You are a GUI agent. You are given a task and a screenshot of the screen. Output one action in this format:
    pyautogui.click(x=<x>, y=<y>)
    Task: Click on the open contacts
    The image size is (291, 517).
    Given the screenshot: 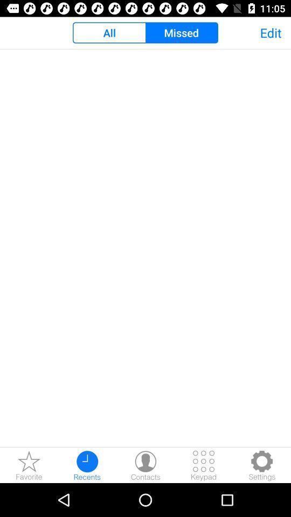 What is the action you would take?
    pyautogui.click(x=145, y=465)
    